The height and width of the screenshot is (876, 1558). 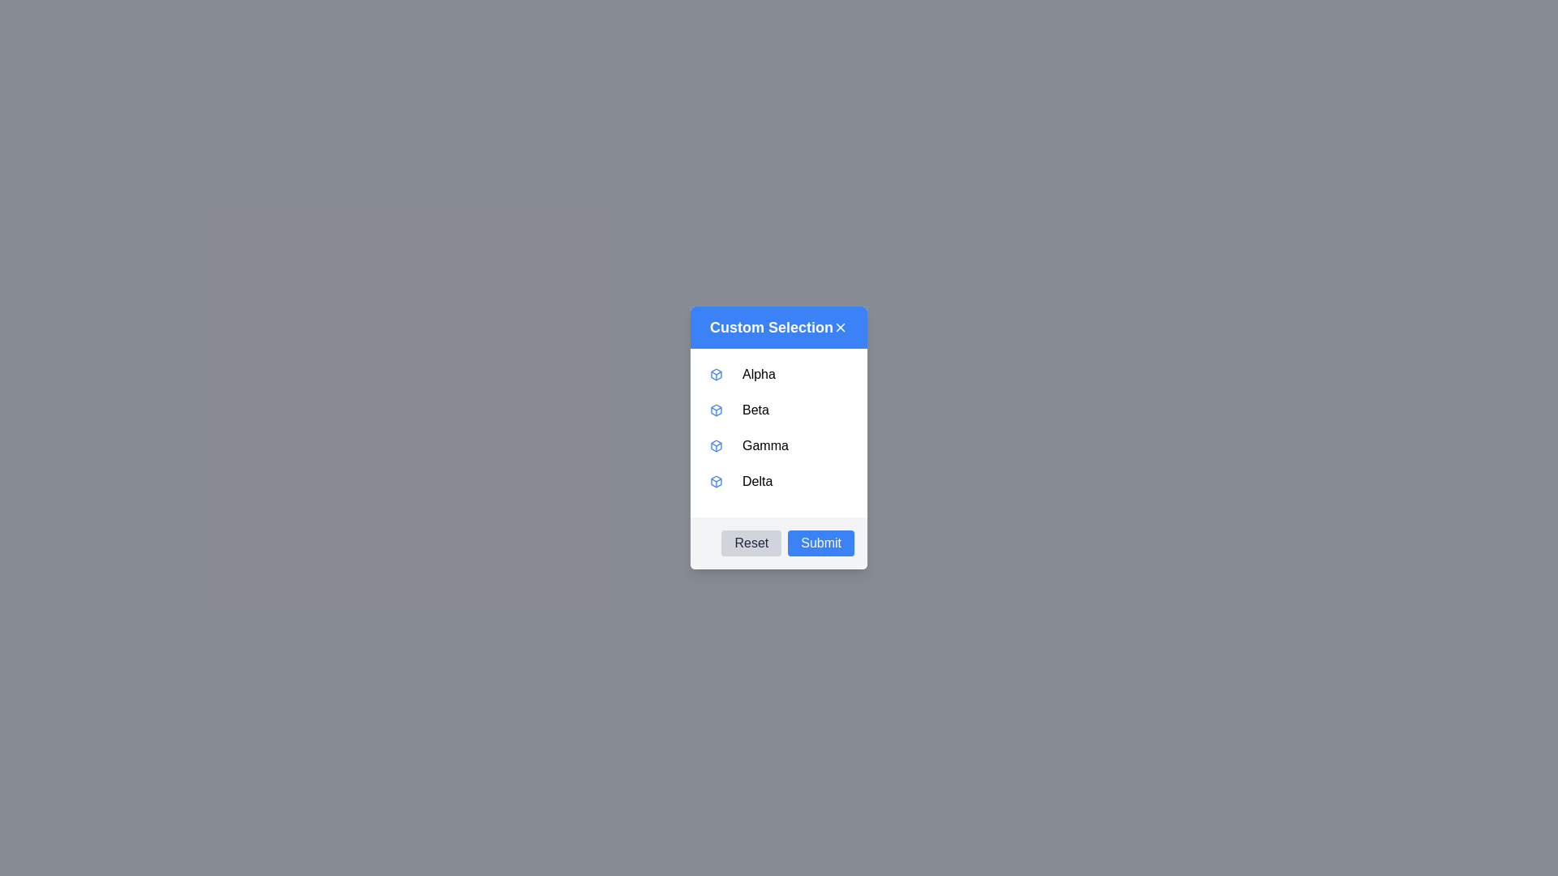 What do you see at coordinates (821, 543) in the screenshot?
I see `the 'Submit' button with a blue background and white text` at bounding box center [821, 543].